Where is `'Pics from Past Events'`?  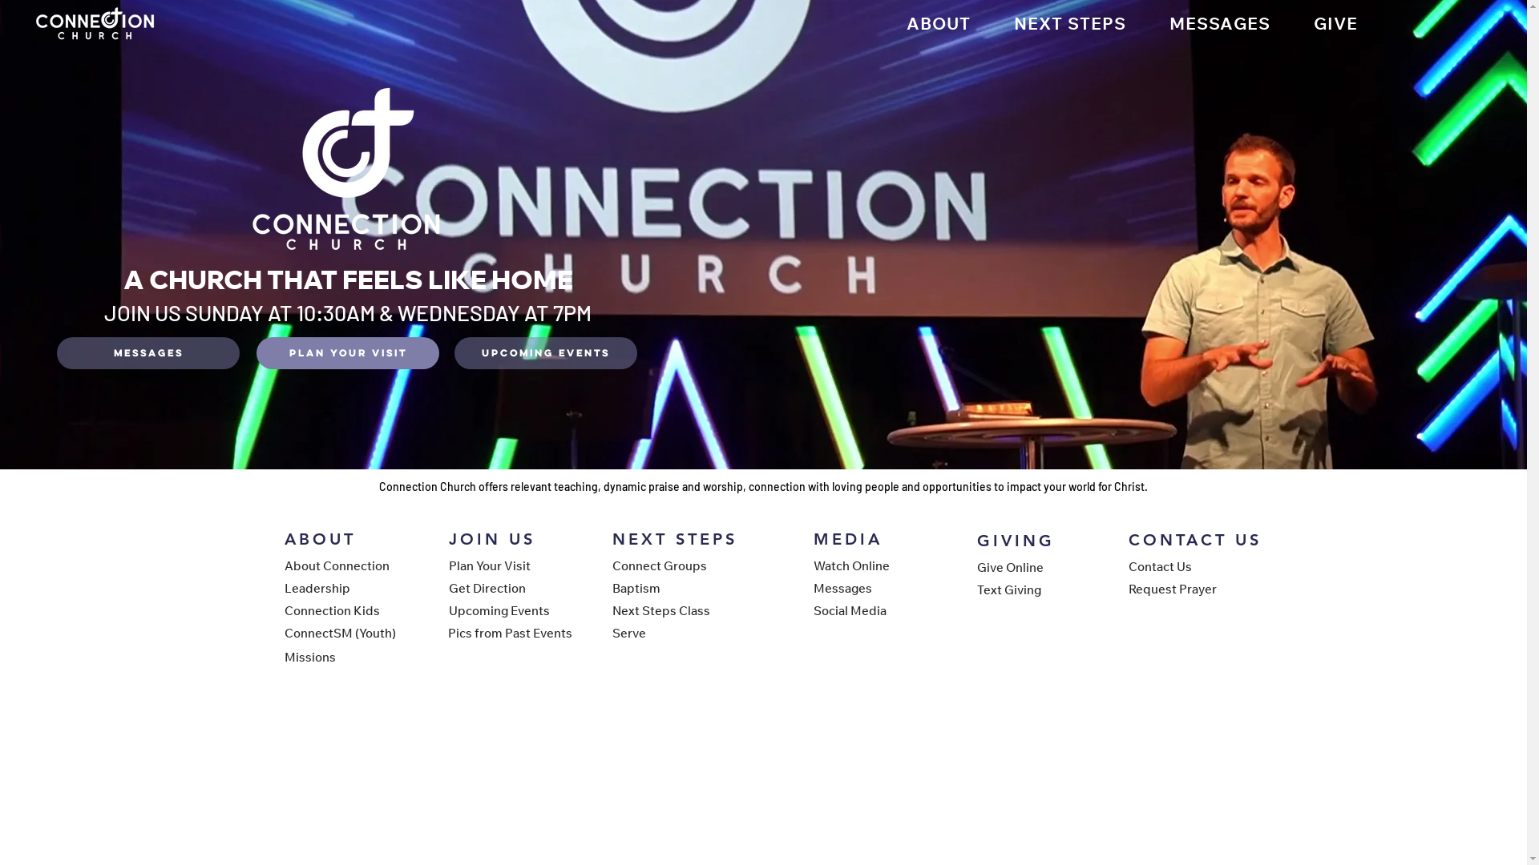
'Pics from Past Events' is located at coordinates (510, 632).